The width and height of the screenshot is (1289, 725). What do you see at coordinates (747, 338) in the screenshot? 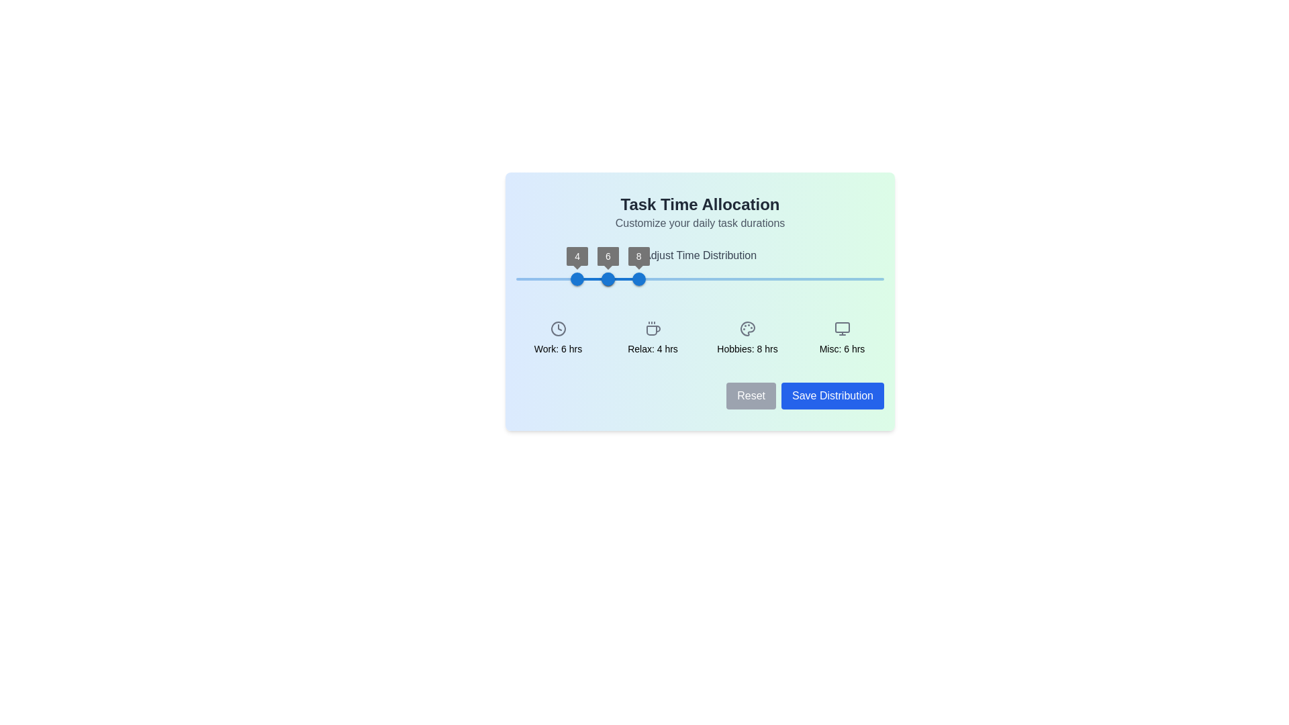
I see `the label 'Hobbies: 8 hrs' which has a gray palette icon above it, positioned in a grid between 'Relax: 4 hrs' and 'Misc: 6 hrs'` at bounding box center [747, 338].